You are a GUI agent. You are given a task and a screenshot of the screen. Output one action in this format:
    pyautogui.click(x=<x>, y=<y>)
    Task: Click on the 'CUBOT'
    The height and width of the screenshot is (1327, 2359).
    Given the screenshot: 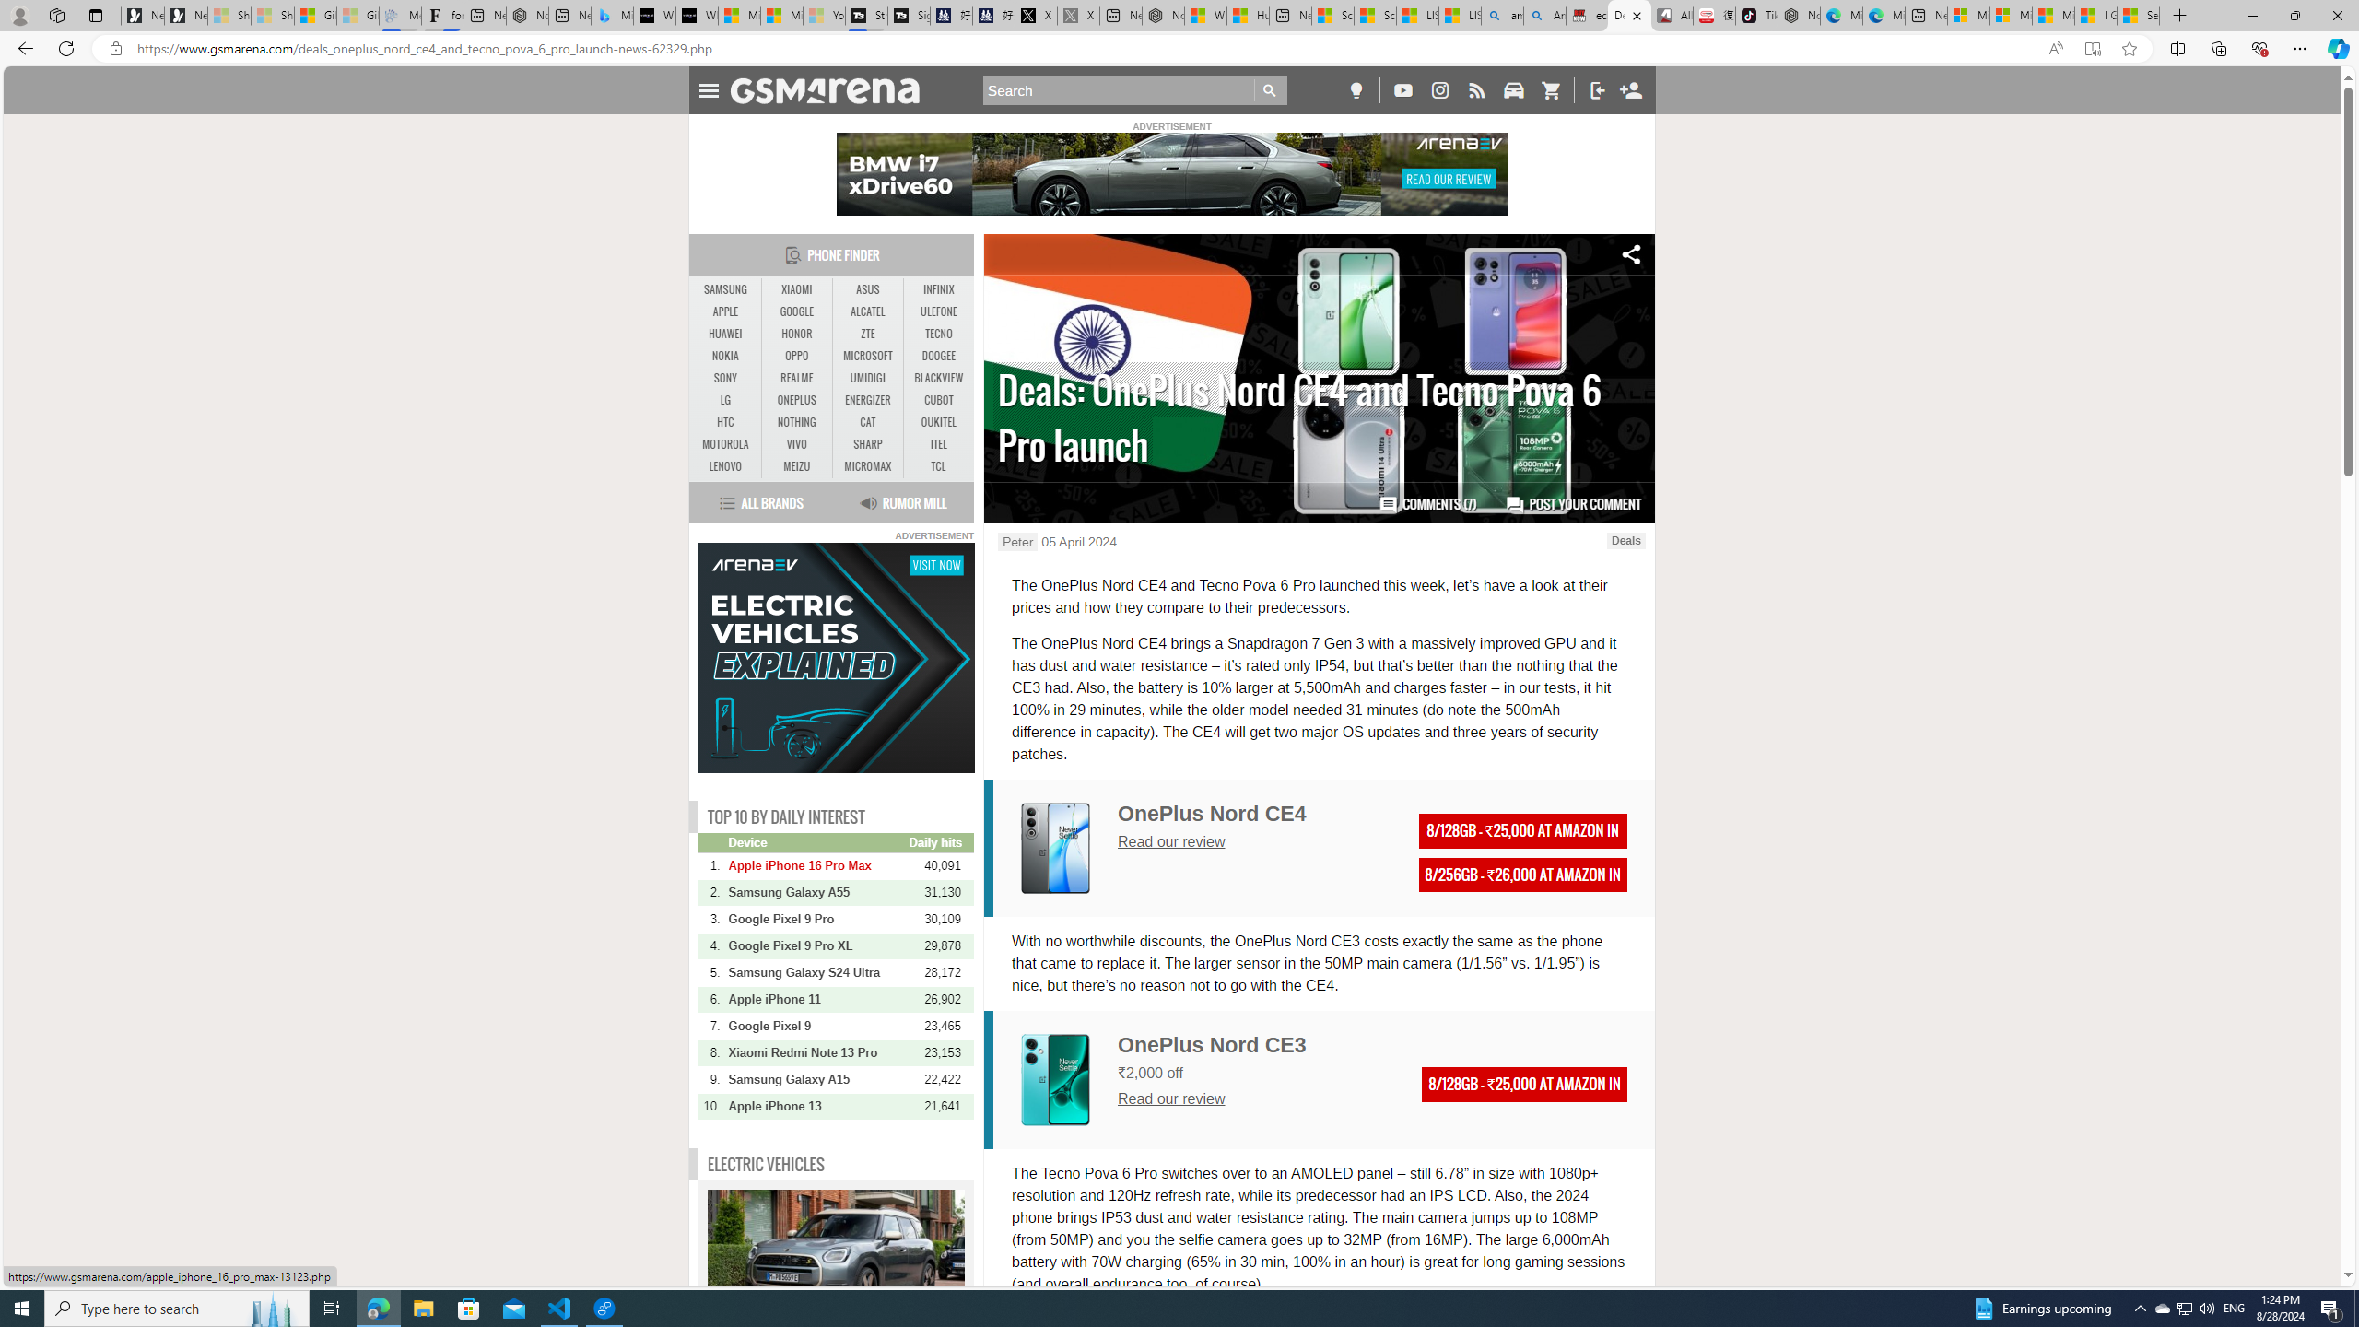 What is the action you would take?
    pyautogui.click(x=938, y=399)
    